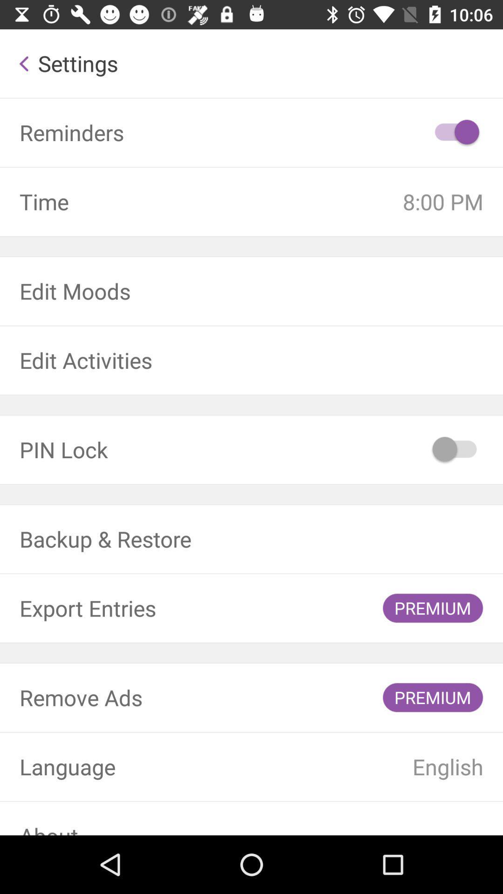 The image size is (503, 894). I want to click on the app to the right of reminders, so click(455, 132).